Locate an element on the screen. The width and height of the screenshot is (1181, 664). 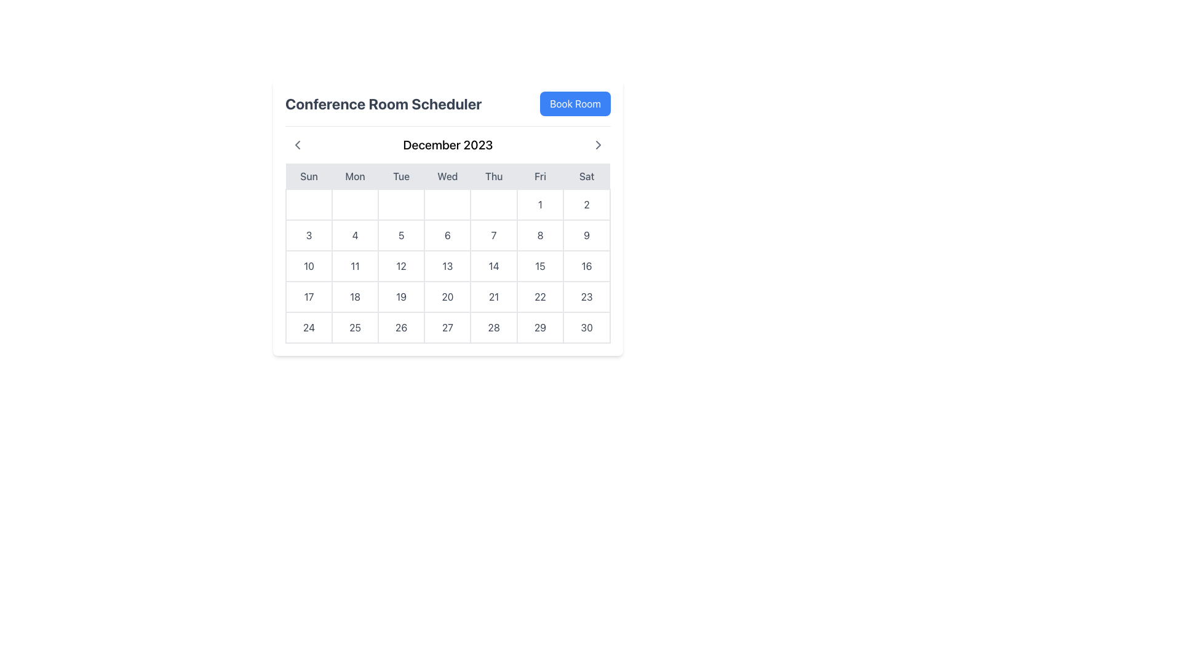
the leftward-pointing chevron icon with a thin stroke and rounded line ends, located in the header section of the calendar widget is located at coordinates (298, 144).